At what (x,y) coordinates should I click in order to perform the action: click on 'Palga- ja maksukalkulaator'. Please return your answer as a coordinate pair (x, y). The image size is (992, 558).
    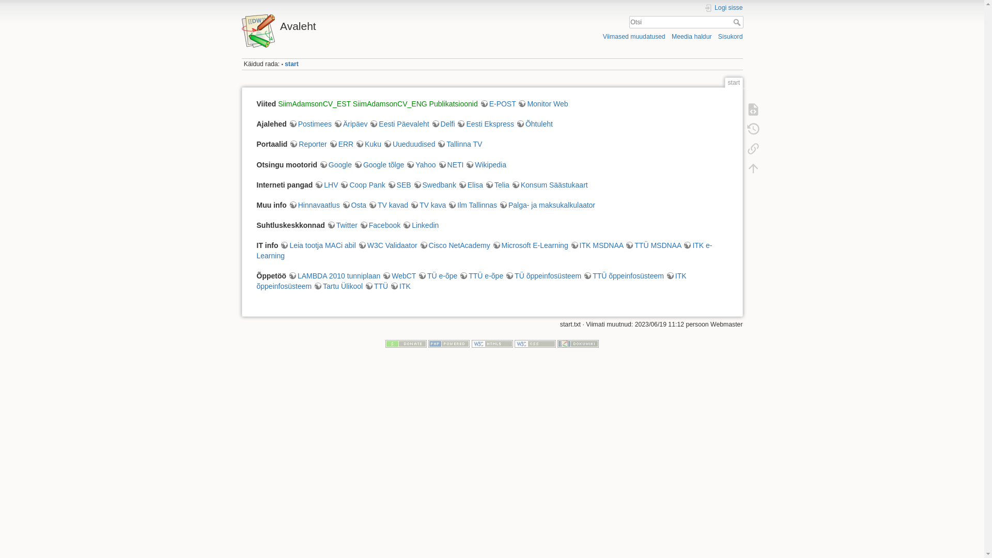
    Looking at the image, I should click on (547, 205).